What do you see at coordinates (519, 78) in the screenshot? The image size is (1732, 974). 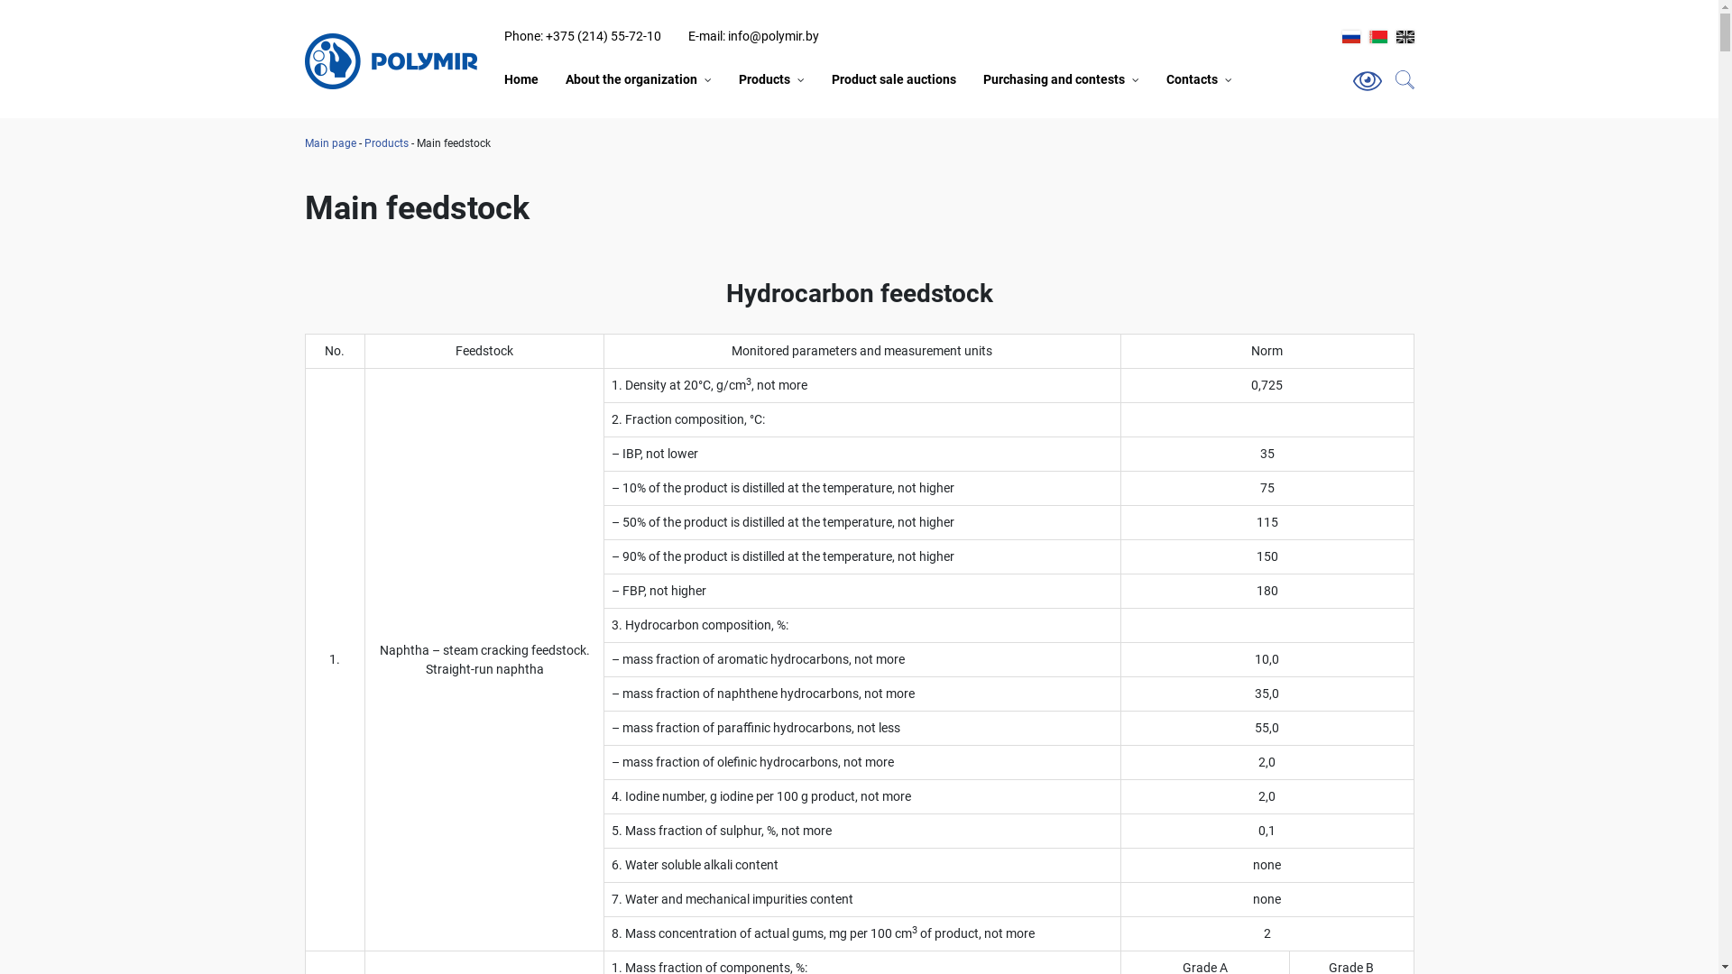 I see `'Home'` at bounding box center [519, 78].